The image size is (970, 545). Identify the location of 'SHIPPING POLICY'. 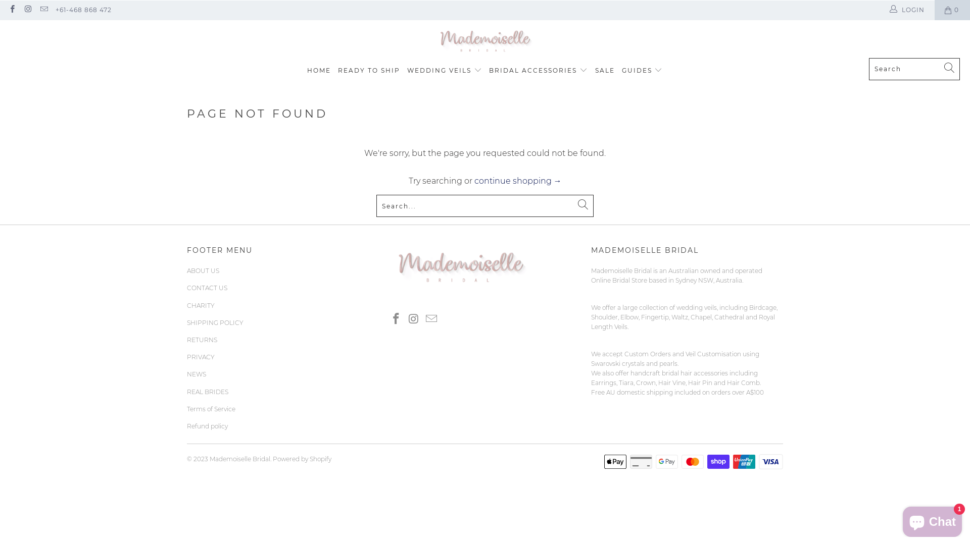
(215, 322).